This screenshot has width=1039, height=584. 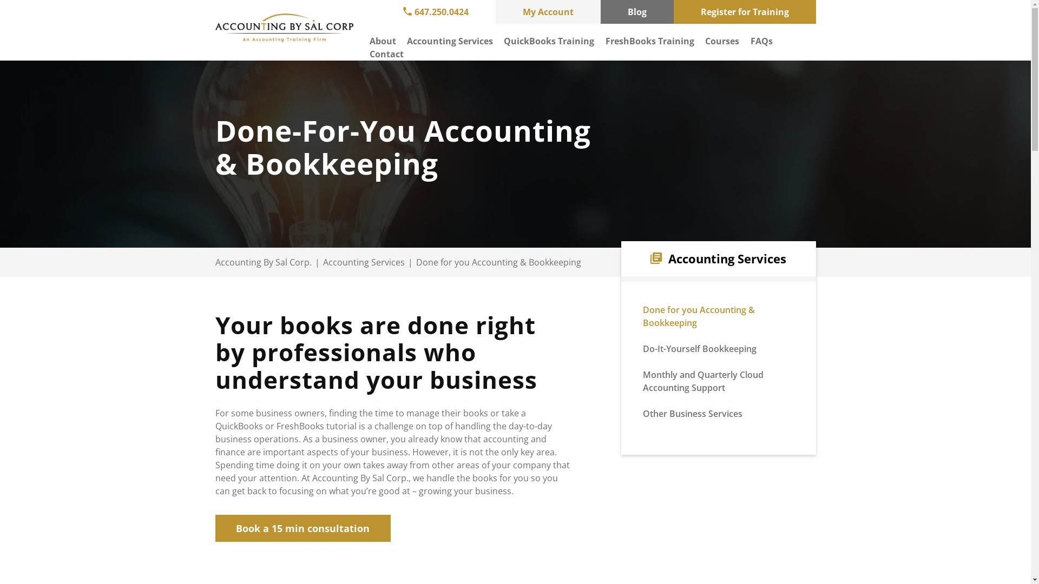 What do you see at coordinates (495, 12) in the screenshot?
I see `'My Account'` at bounding box center [495, 12].